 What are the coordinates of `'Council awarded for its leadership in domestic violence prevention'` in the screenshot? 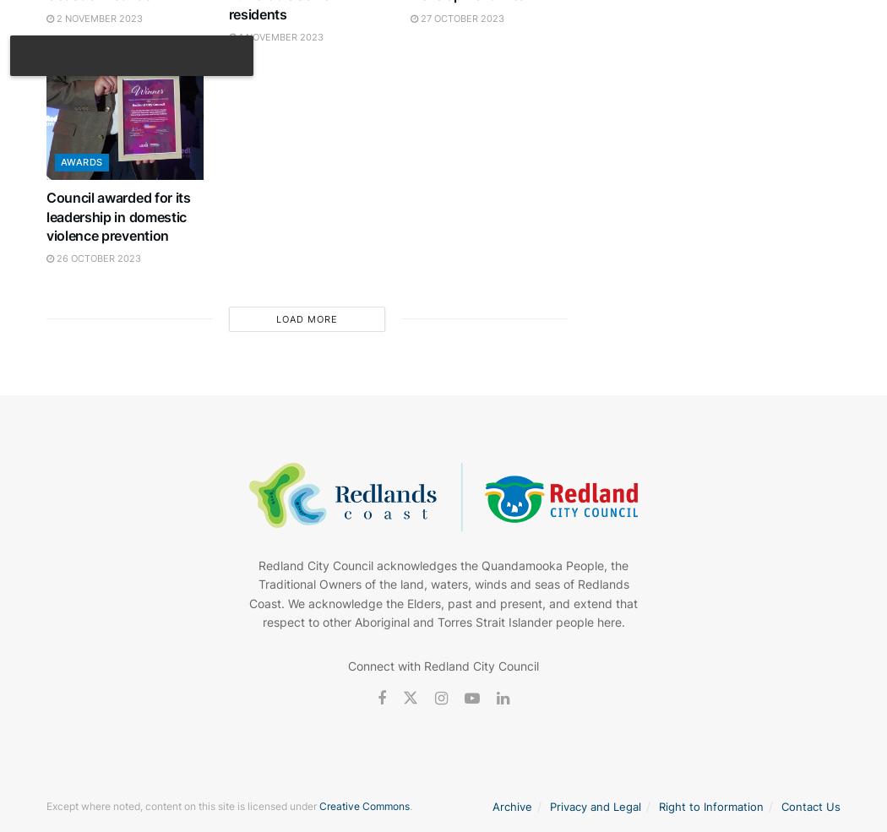 It's located at (117, 215).